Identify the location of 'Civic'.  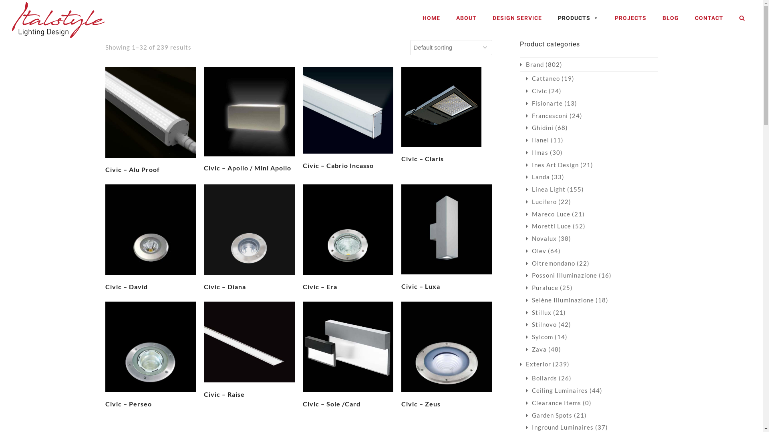
(525, 90).